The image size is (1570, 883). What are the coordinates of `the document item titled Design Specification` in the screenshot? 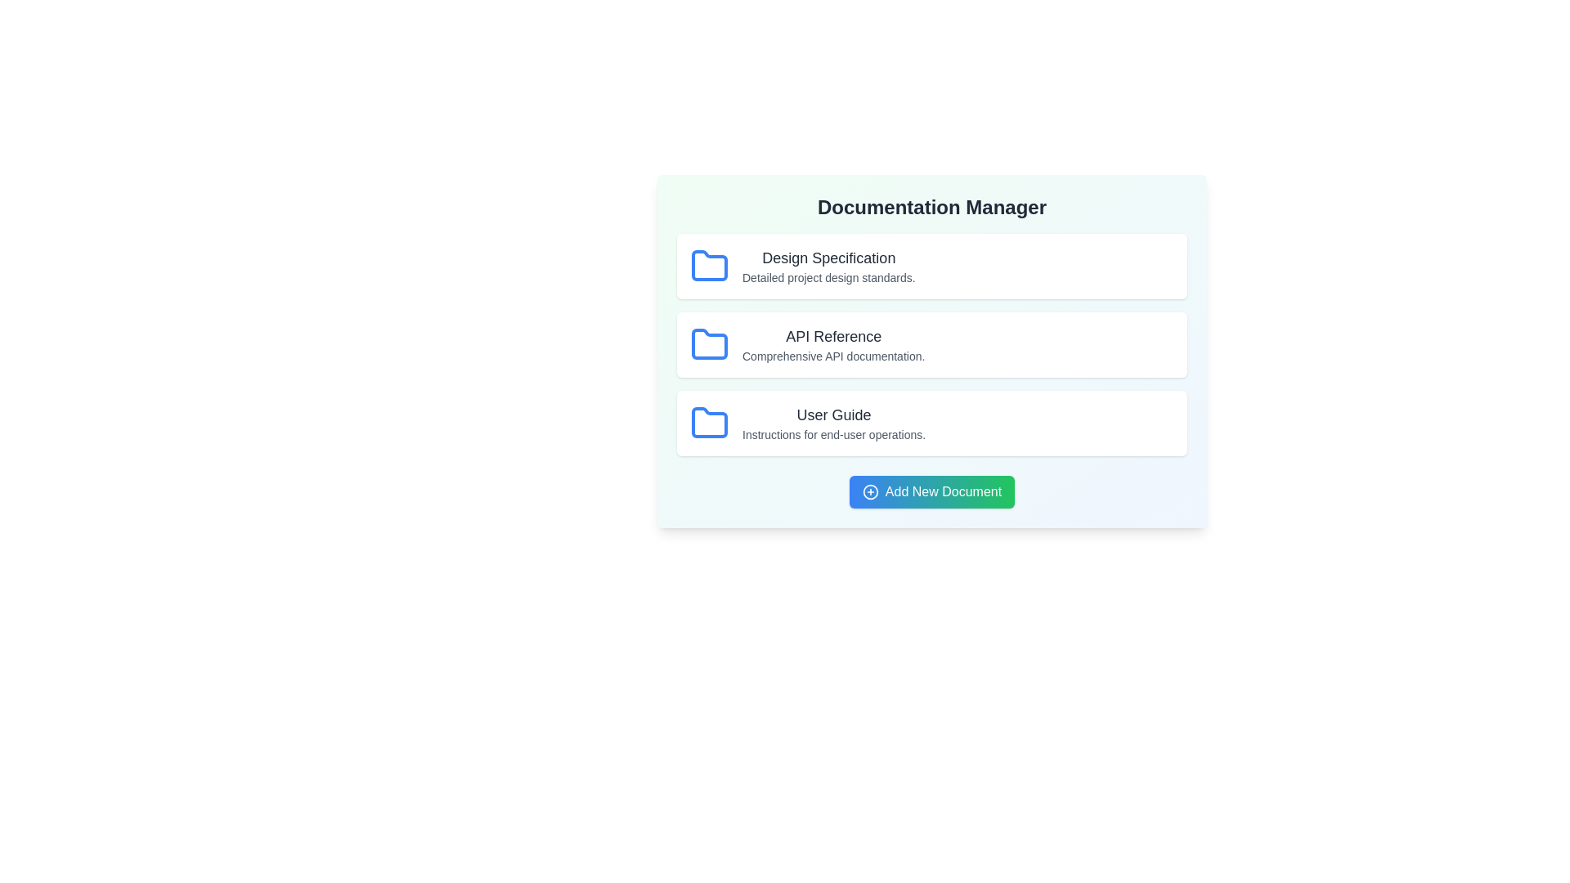 It's located at (932, 266).